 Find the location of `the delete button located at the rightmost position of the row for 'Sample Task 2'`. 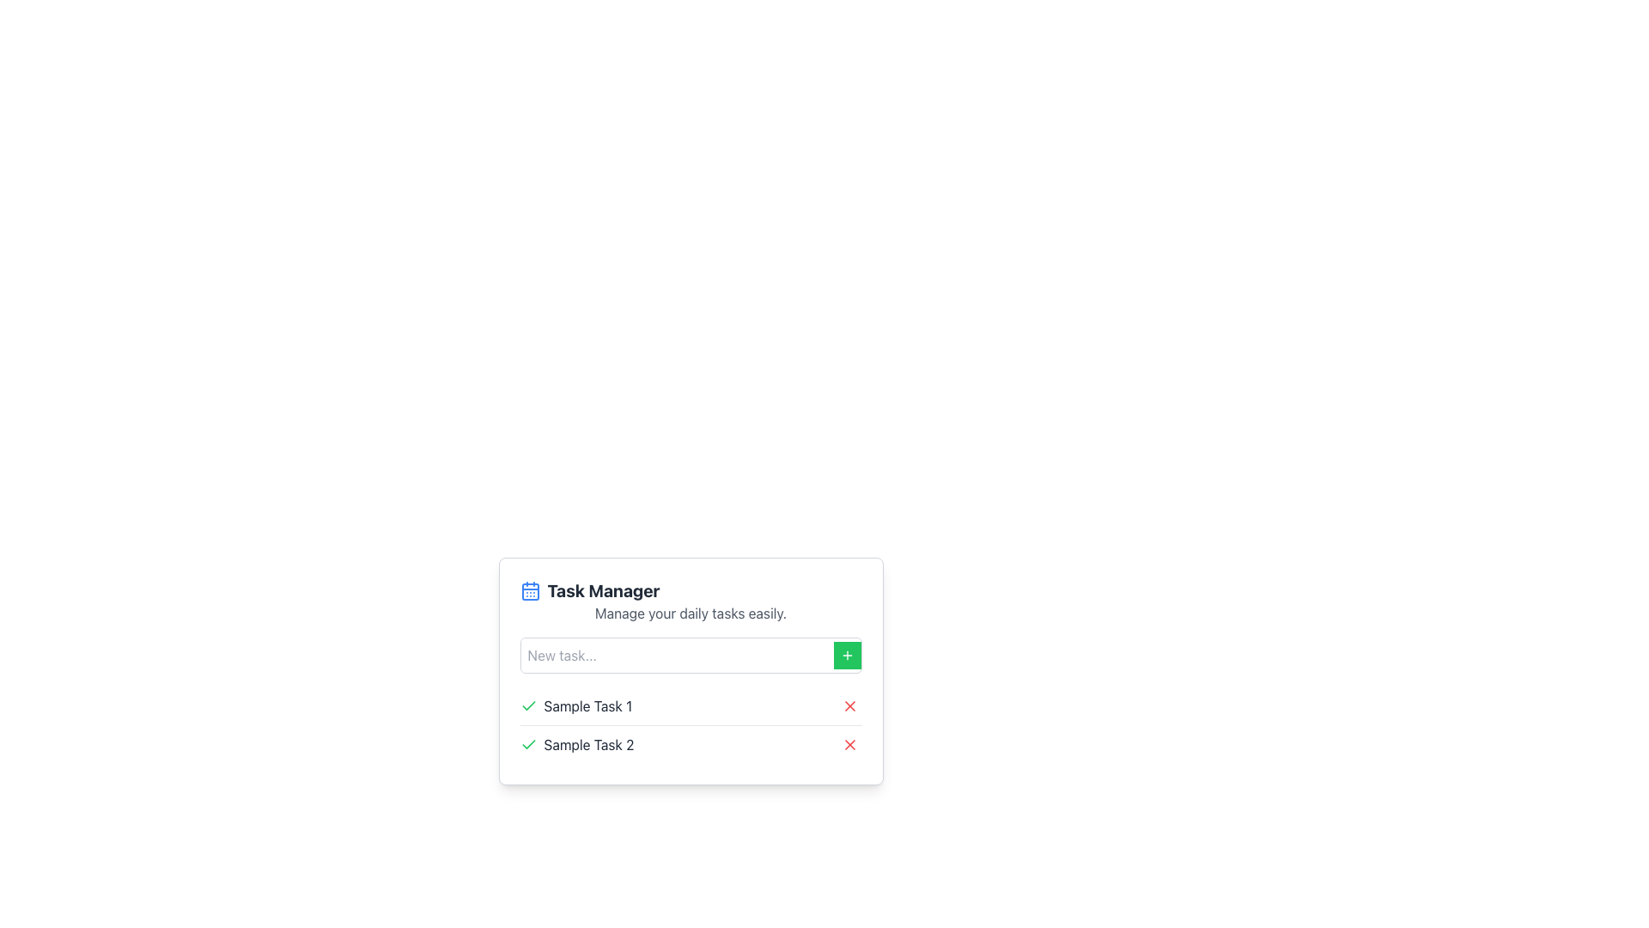

the delete button located at the rightmost position of the row for 'Sample Task 2' is located at coordinates (849, 744).